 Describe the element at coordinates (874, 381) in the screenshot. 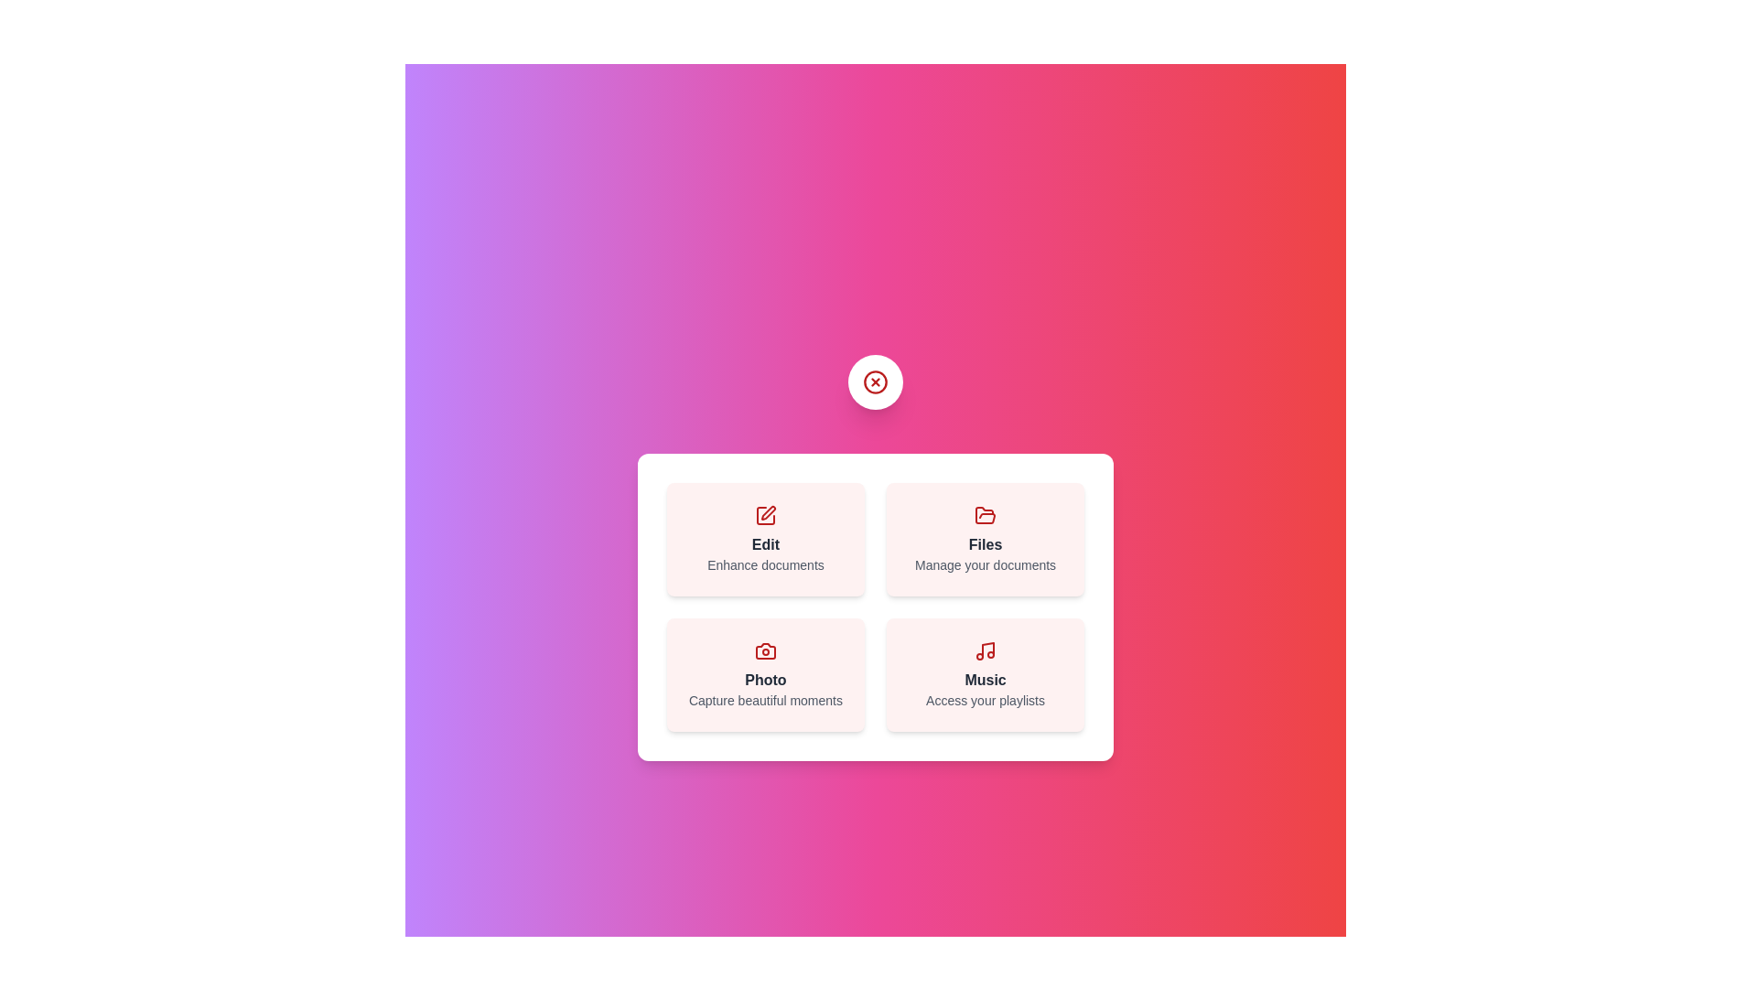

I see `the toggle button to close the main menu` at that location.